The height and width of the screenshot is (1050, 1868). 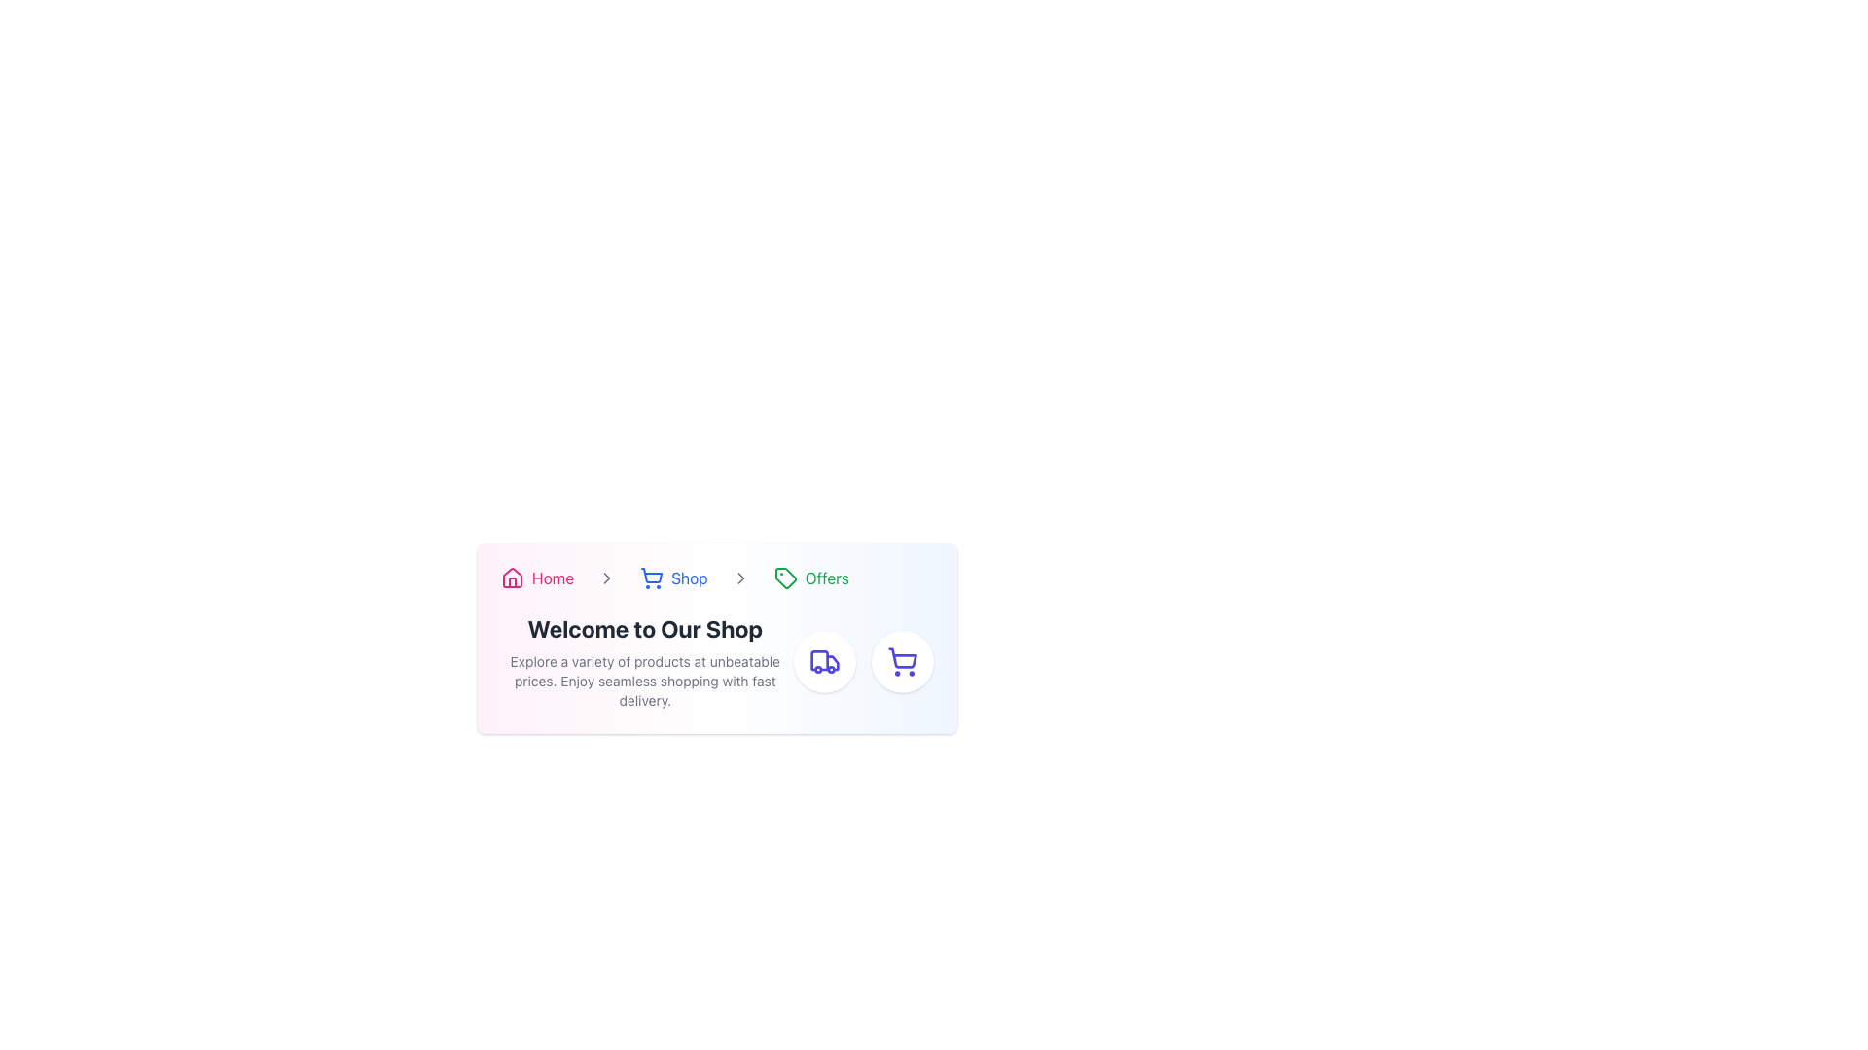 I want to click on promotional message text block located below the title 'Welcome to Our Shop', which emphasizes key features like product range, prices, and delivery, so click(x=645, y=681).